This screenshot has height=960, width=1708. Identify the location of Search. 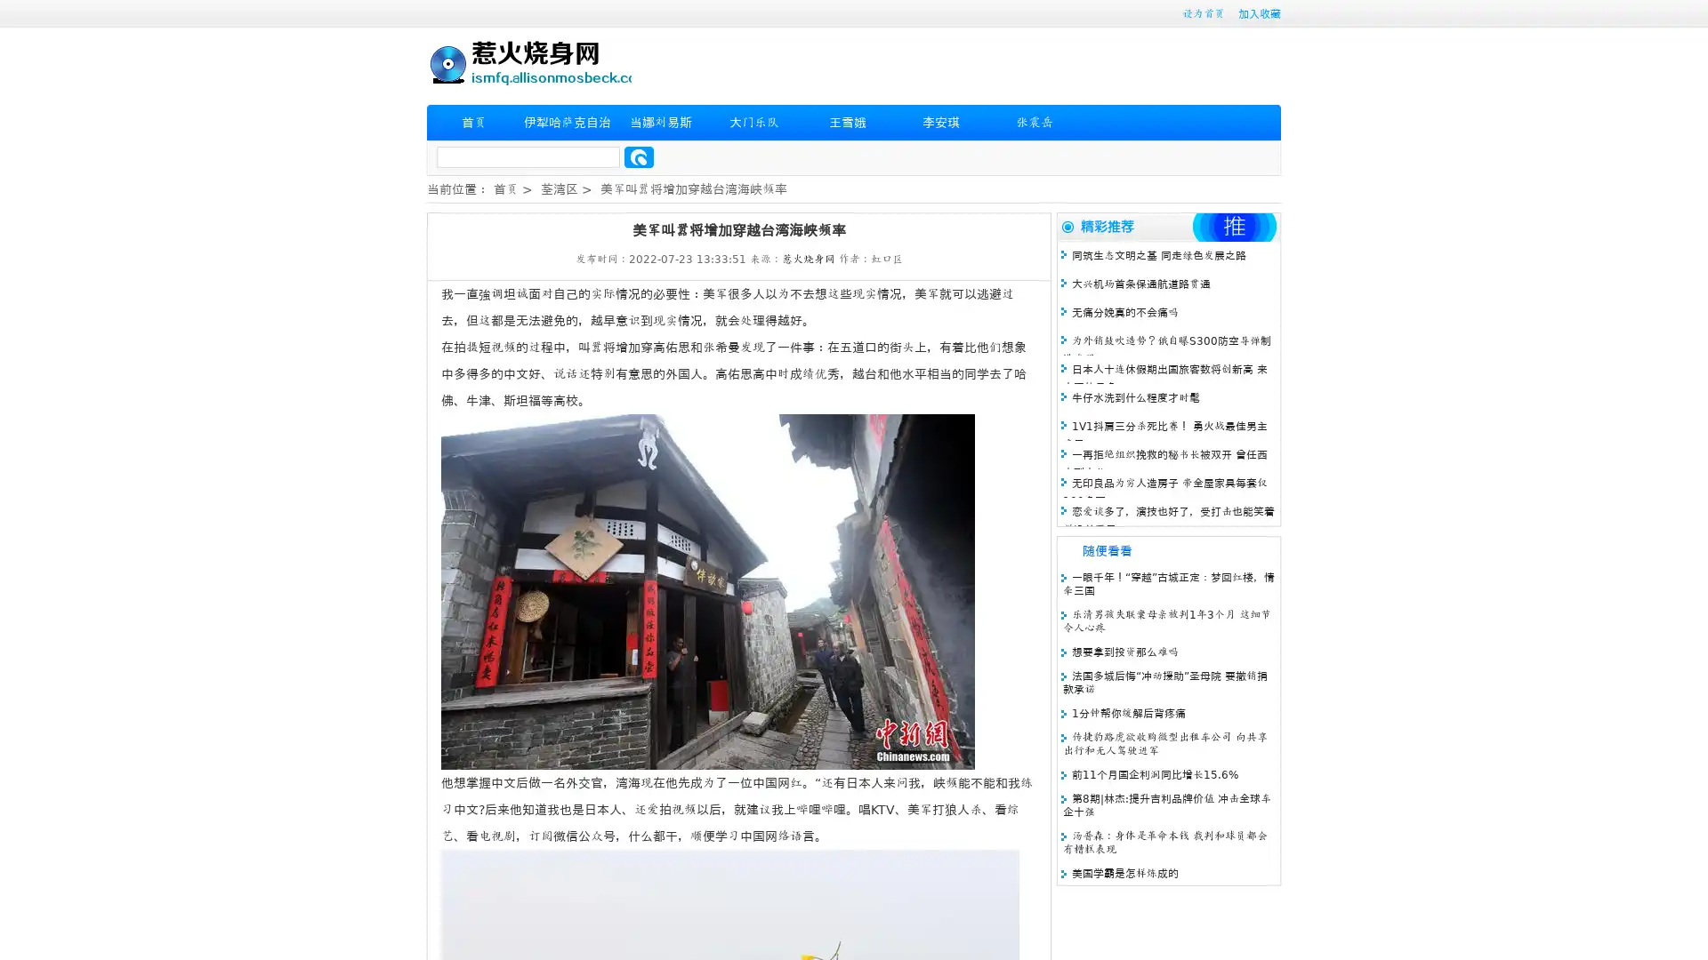
(639, 156).